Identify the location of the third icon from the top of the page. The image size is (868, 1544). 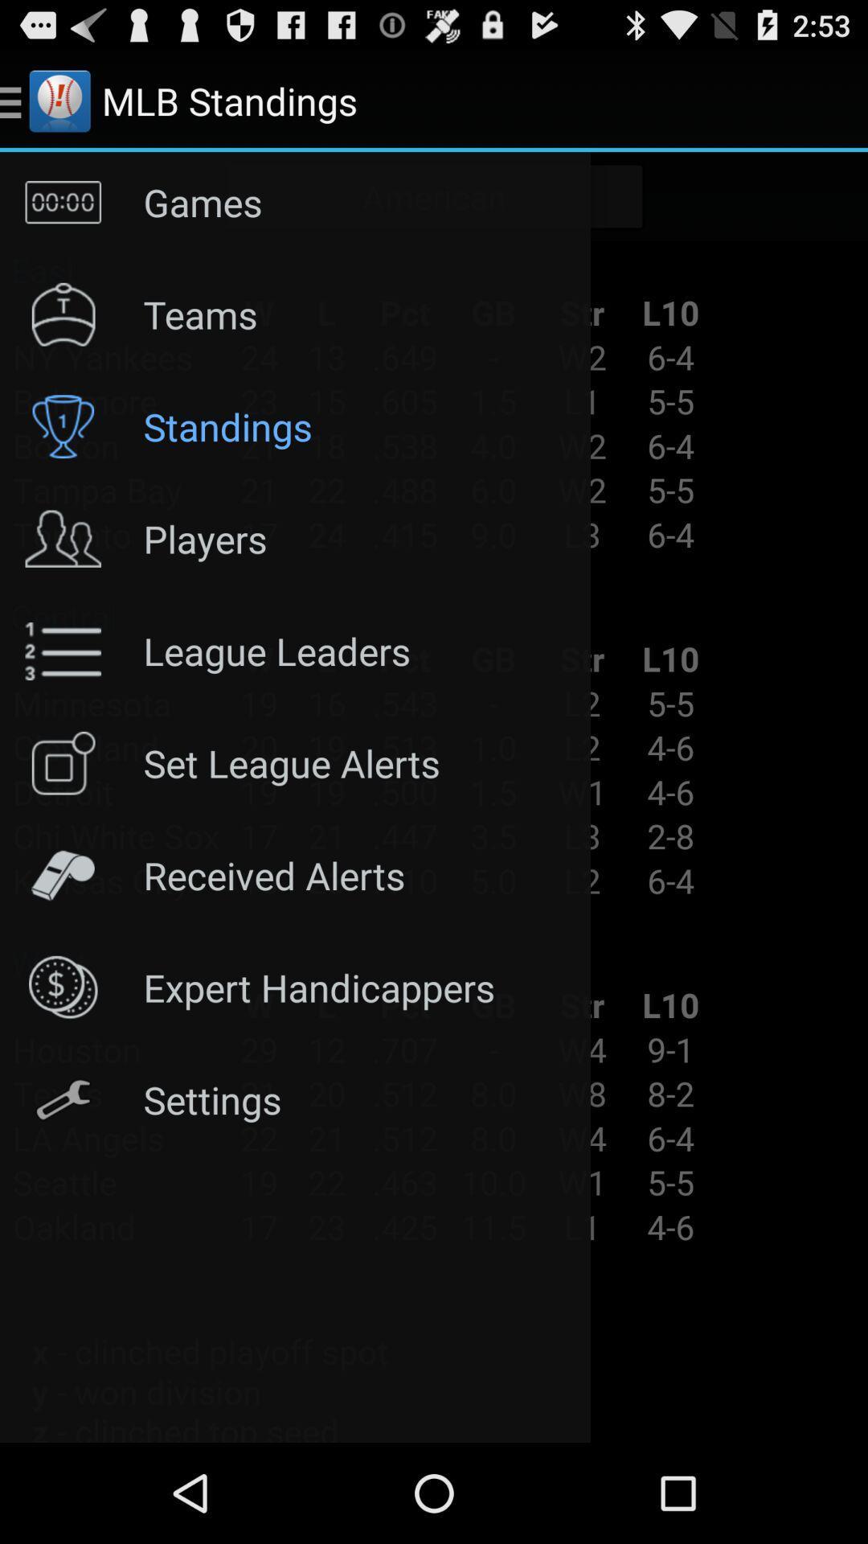
(62, 426).